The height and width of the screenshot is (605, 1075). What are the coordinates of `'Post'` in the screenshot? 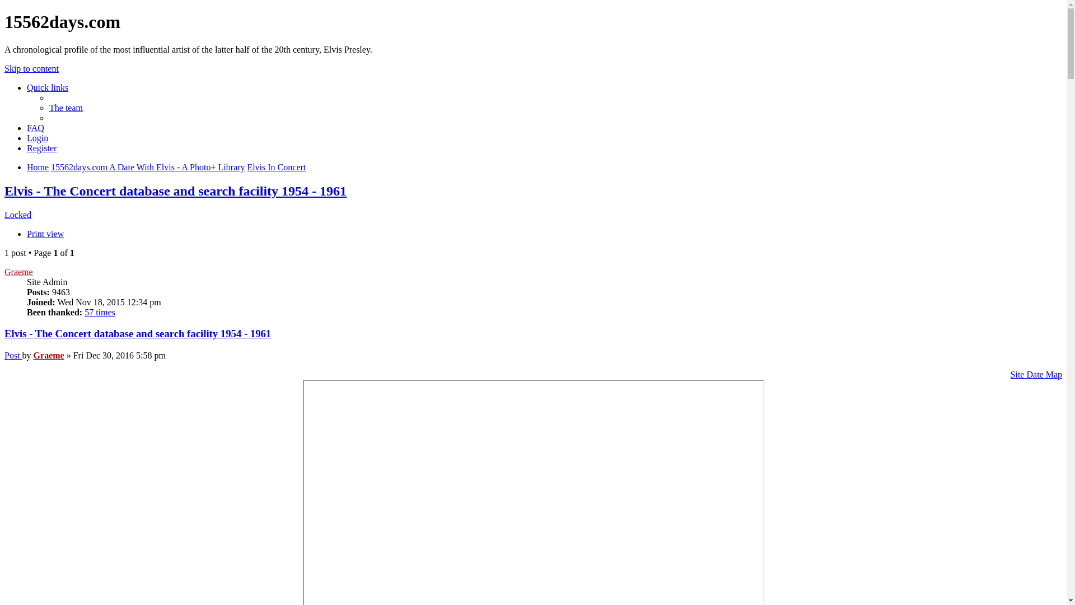 It's located at (13, 355).